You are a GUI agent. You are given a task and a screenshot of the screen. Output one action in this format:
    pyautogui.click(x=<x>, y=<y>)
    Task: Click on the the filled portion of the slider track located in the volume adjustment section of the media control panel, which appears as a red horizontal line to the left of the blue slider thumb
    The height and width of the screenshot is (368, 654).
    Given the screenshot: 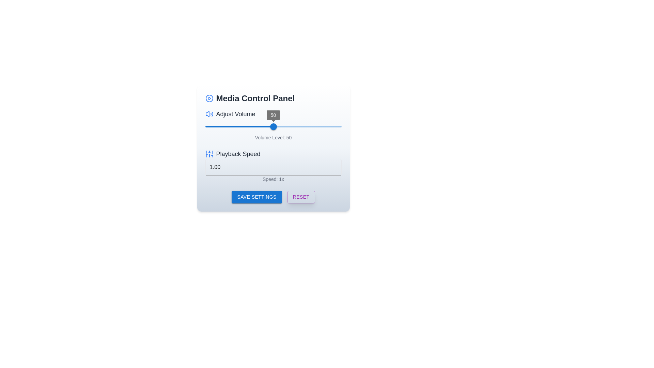 What is the action you would take?
    pyautogui.click(x=239, y=126)
    